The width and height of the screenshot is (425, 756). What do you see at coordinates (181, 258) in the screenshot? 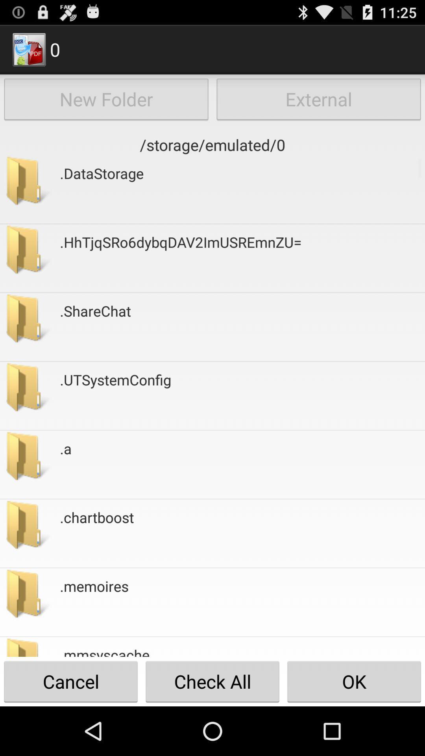
I see `the .hhtjqsro6dybqdav2imusremnzu= item` at bounding box center [181, 258].